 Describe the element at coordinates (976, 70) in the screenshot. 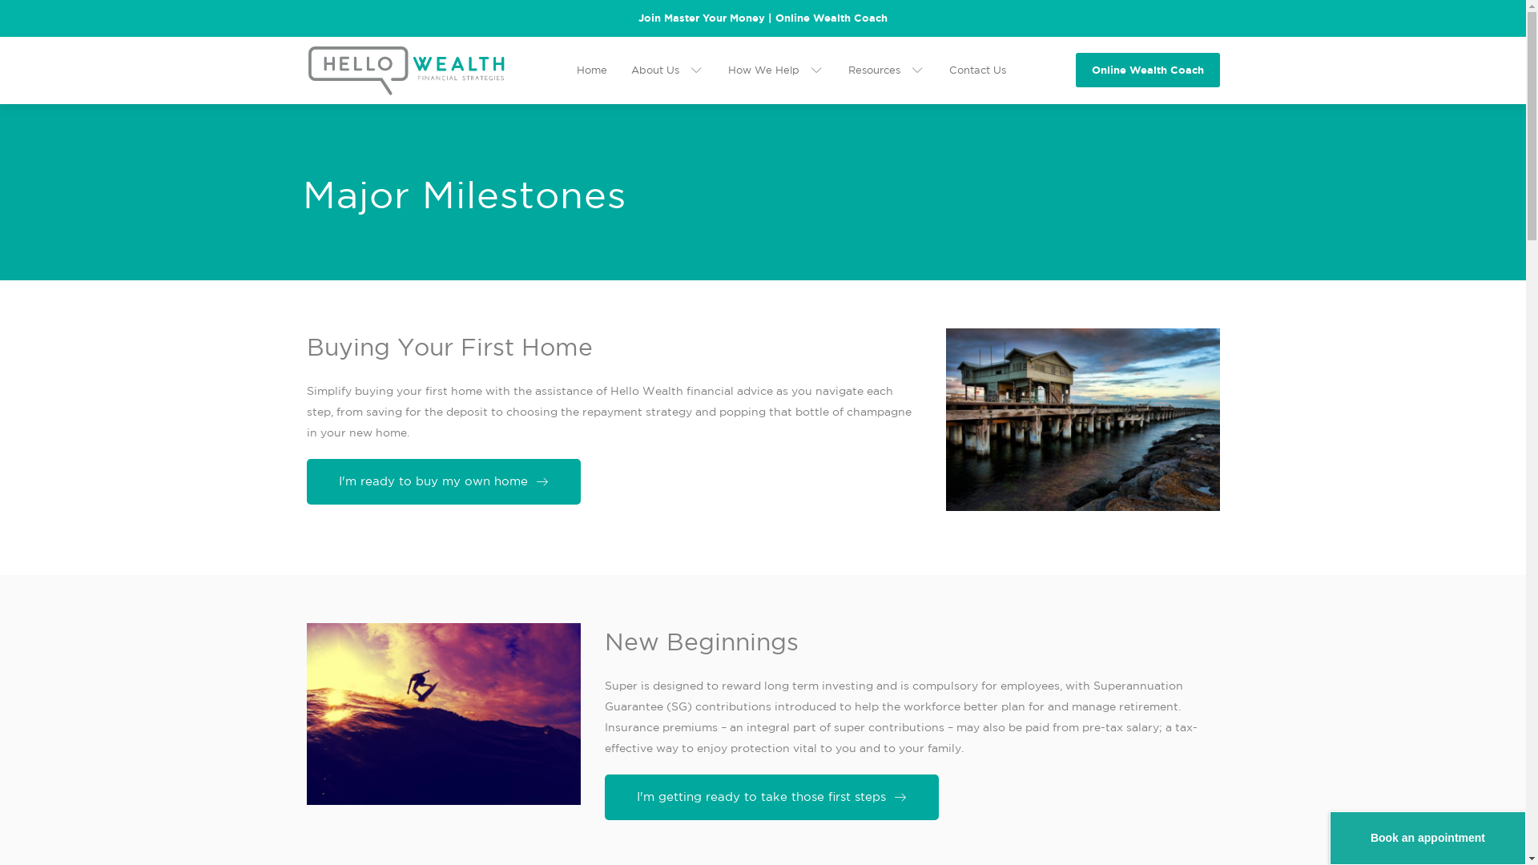

I see `'Contact Us'` at that location.